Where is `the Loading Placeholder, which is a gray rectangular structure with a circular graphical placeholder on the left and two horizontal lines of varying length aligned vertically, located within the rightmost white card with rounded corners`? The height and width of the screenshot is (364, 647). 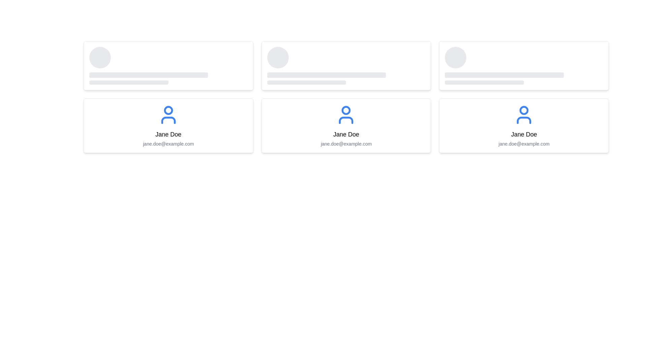 the Loading Placeholder, which is a gray rectangular structure with a circular graphical placeholder on the left and two horizontal lines of varying length aligned vertically, located within the rightmost white card with rounded corners is located at coordinates (524, 66).